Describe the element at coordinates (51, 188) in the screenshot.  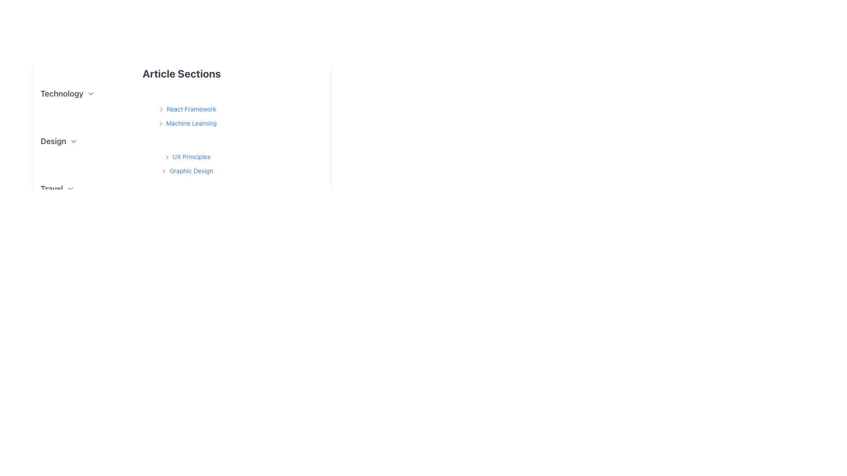
I see `on the bold text label displaying 'Travel' in dark gray font` at that location.